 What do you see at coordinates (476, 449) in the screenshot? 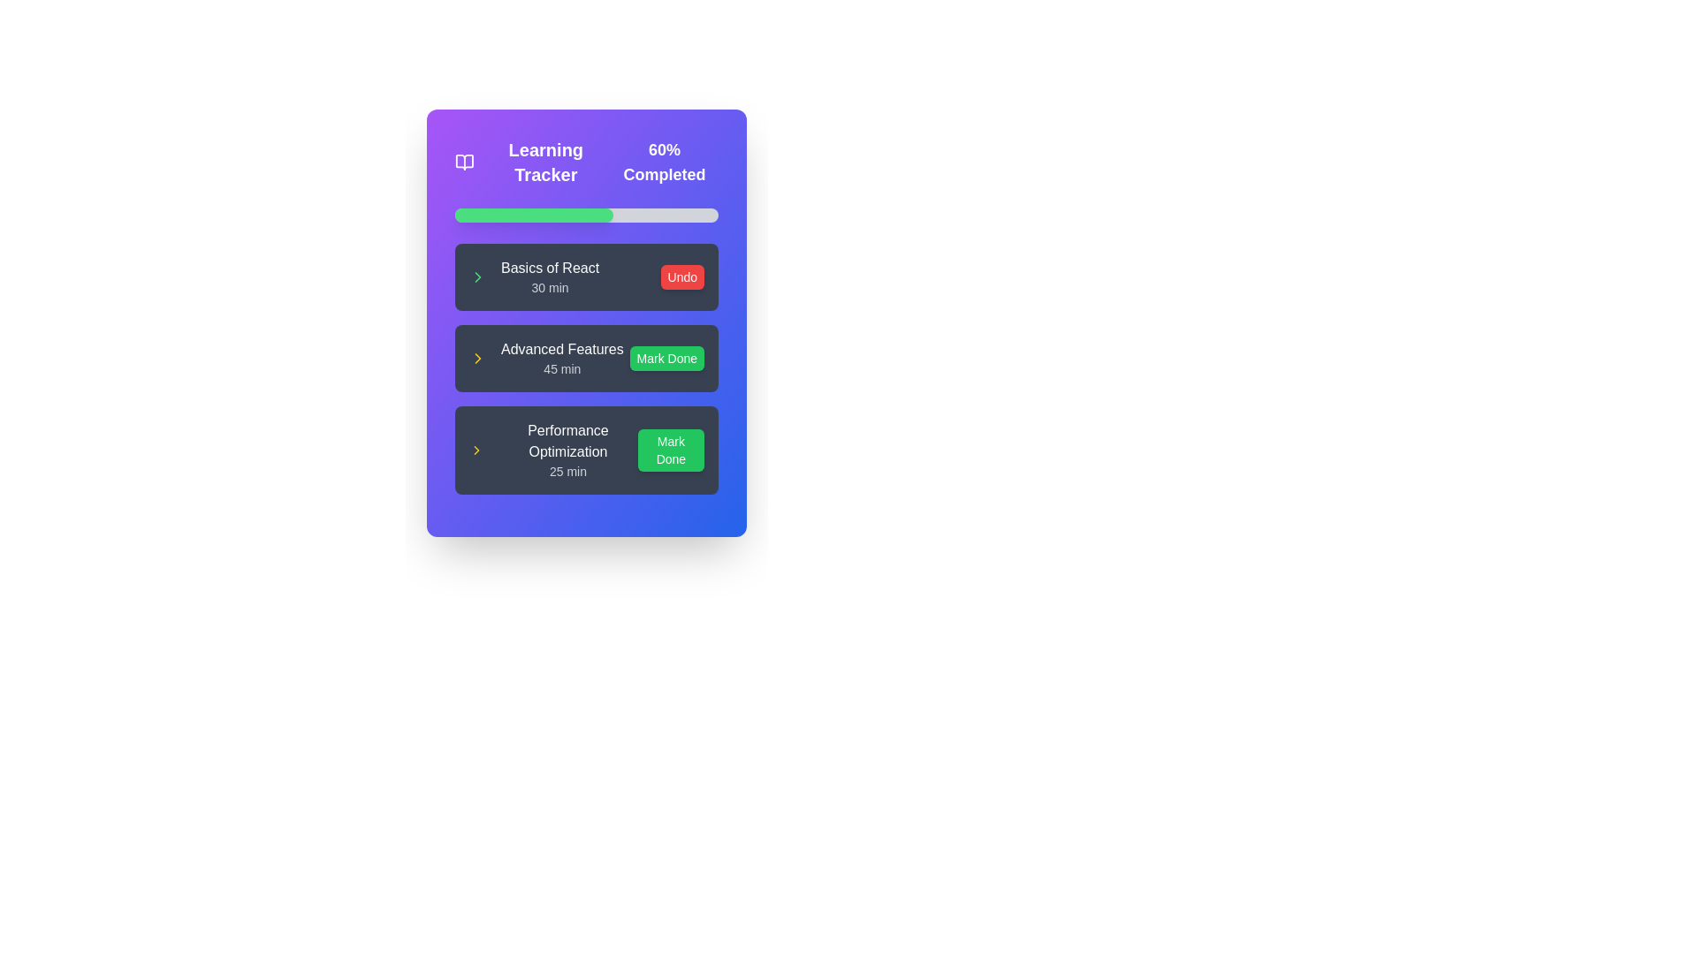
I see `the Chevron-right indicator icon next to the 'Advanced Features' list item` at bounding box center [476, 449].